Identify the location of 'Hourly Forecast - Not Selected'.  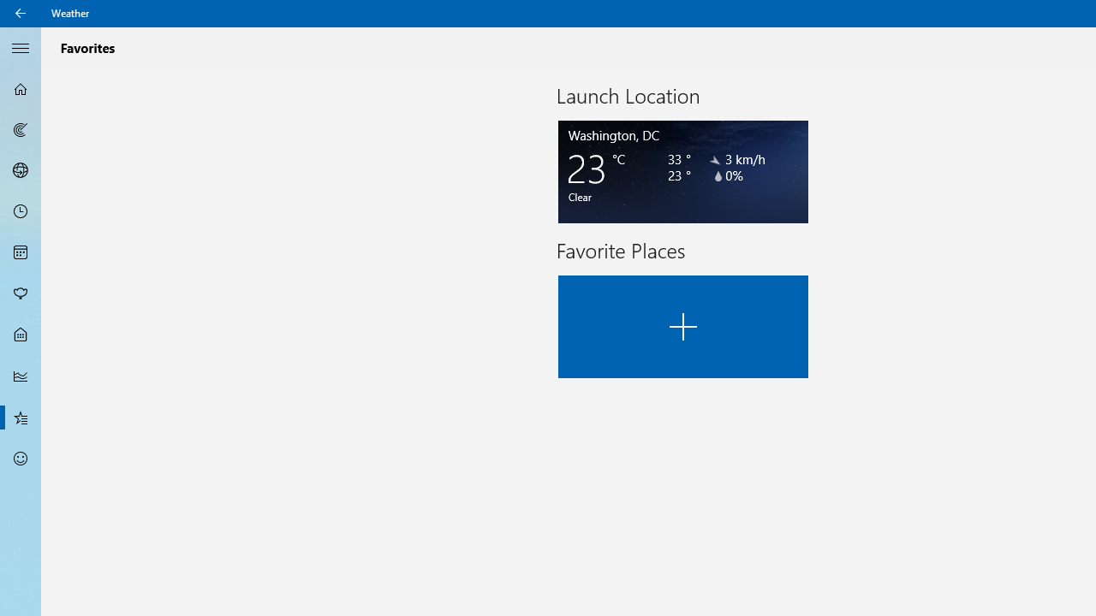
(21, 211).